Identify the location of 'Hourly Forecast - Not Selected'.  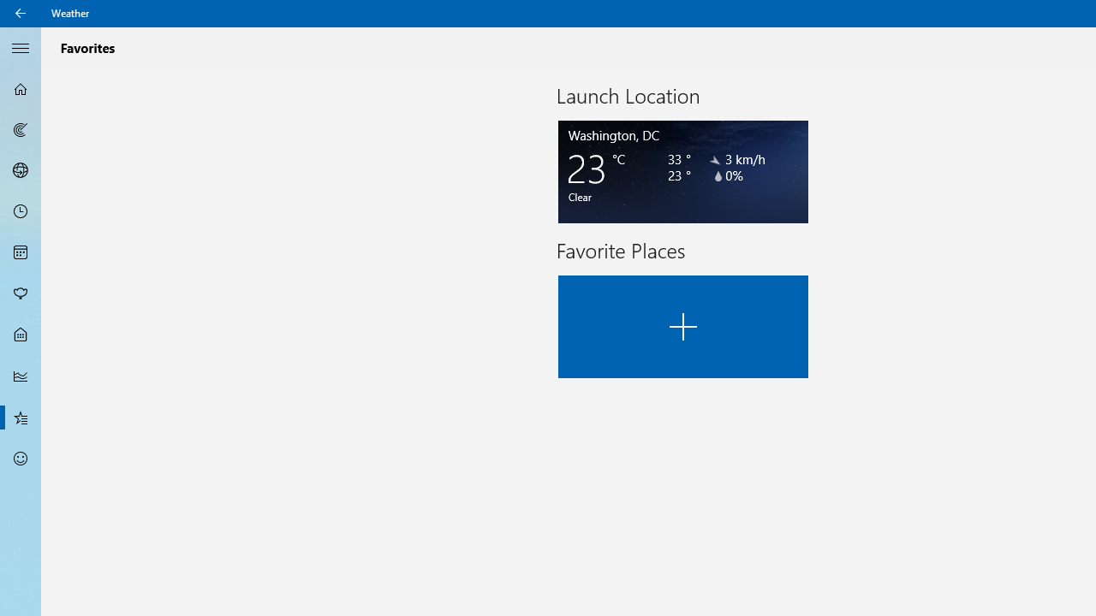
(21, 211).